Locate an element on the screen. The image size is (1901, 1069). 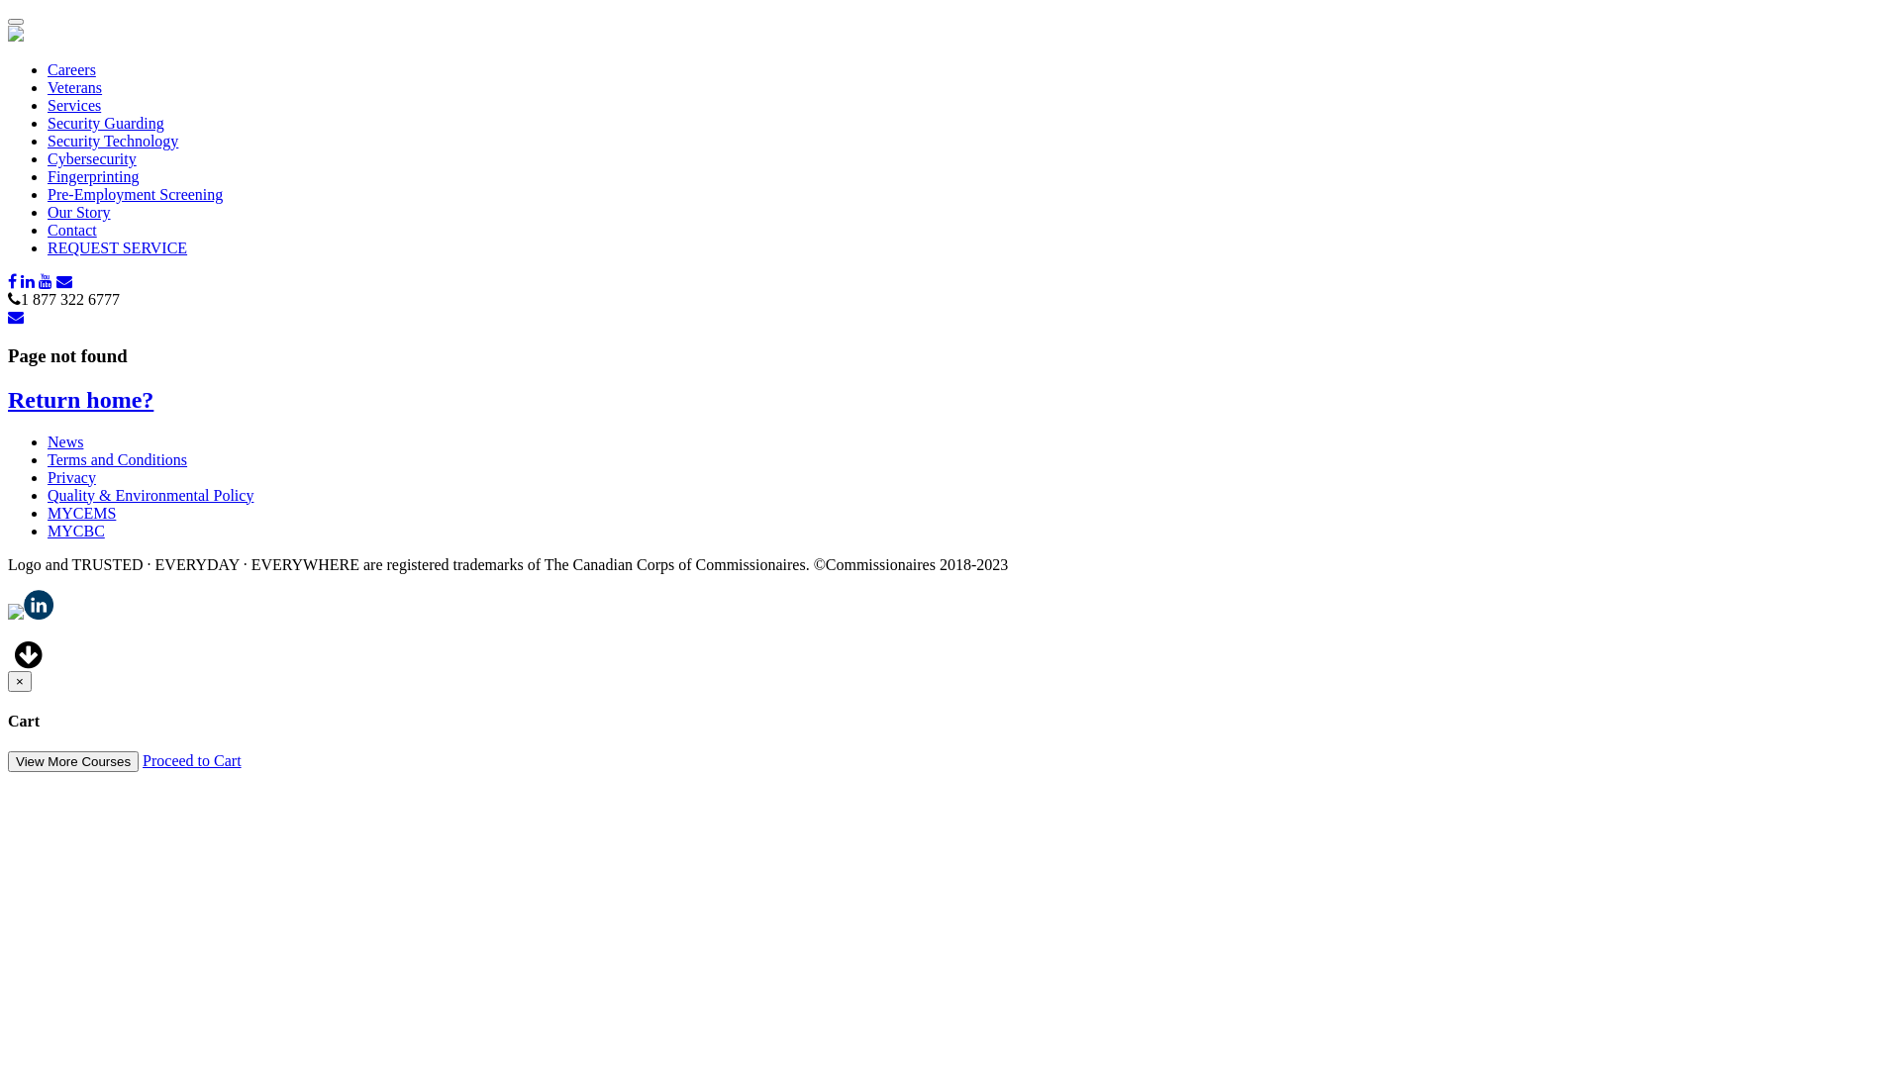
'Veterans' is located at coordinates (74, 86).